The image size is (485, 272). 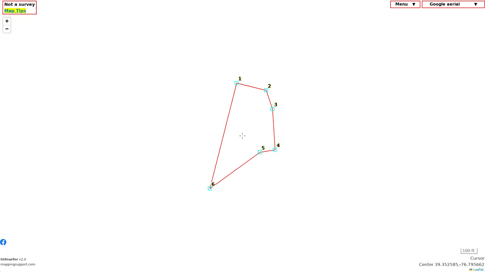 I want to click on Marker, so click(x=266, y=90).